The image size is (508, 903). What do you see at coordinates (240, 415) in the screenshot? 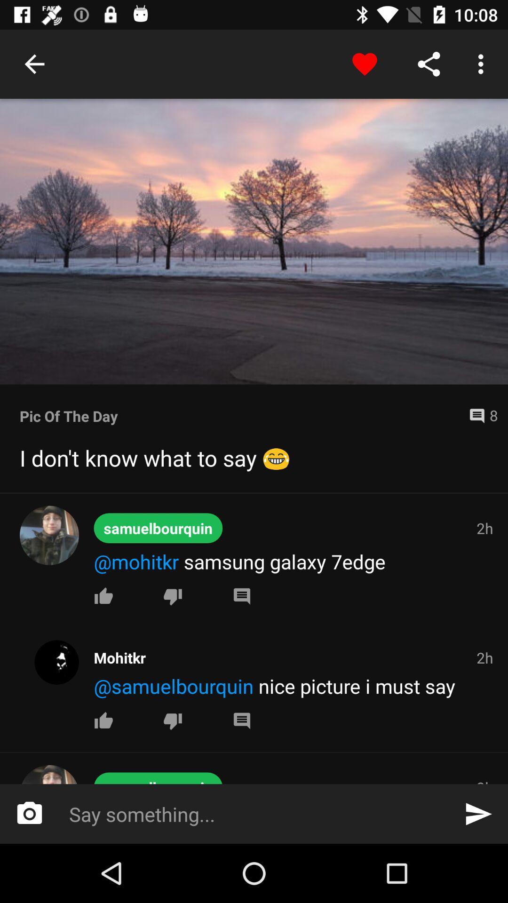
I see `the item to the left of 8 icon` at bounding box center [240, 415].